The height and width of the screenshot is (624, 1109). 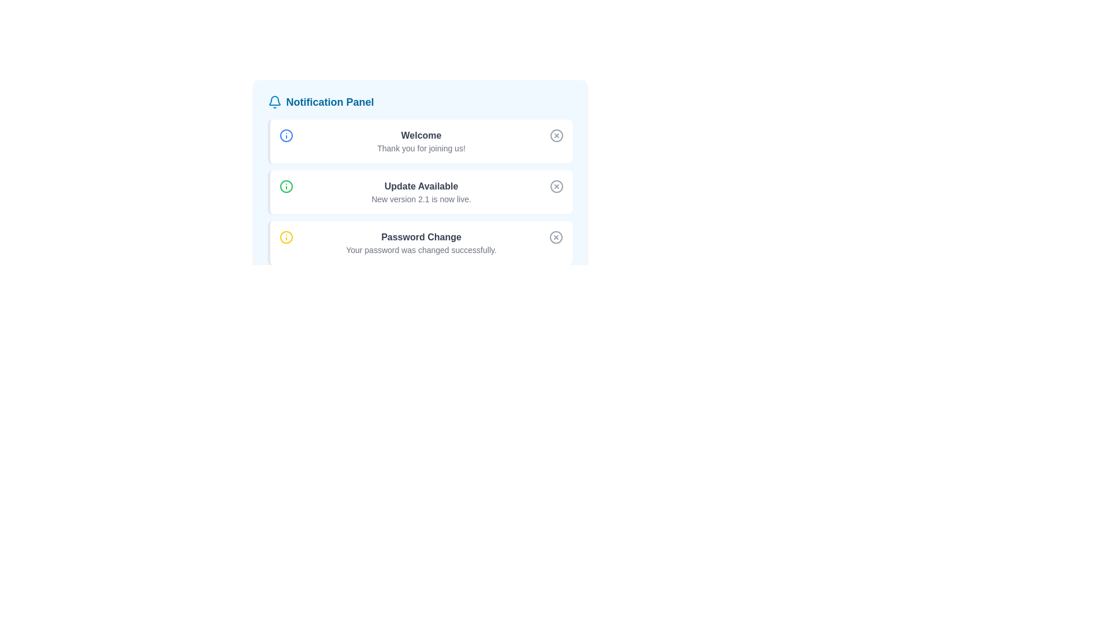 I want to click on text from the notification indicating that the password has been successfully changed, located in the bottom third of the notification panel as the third notification, so click(x=420, y=242).